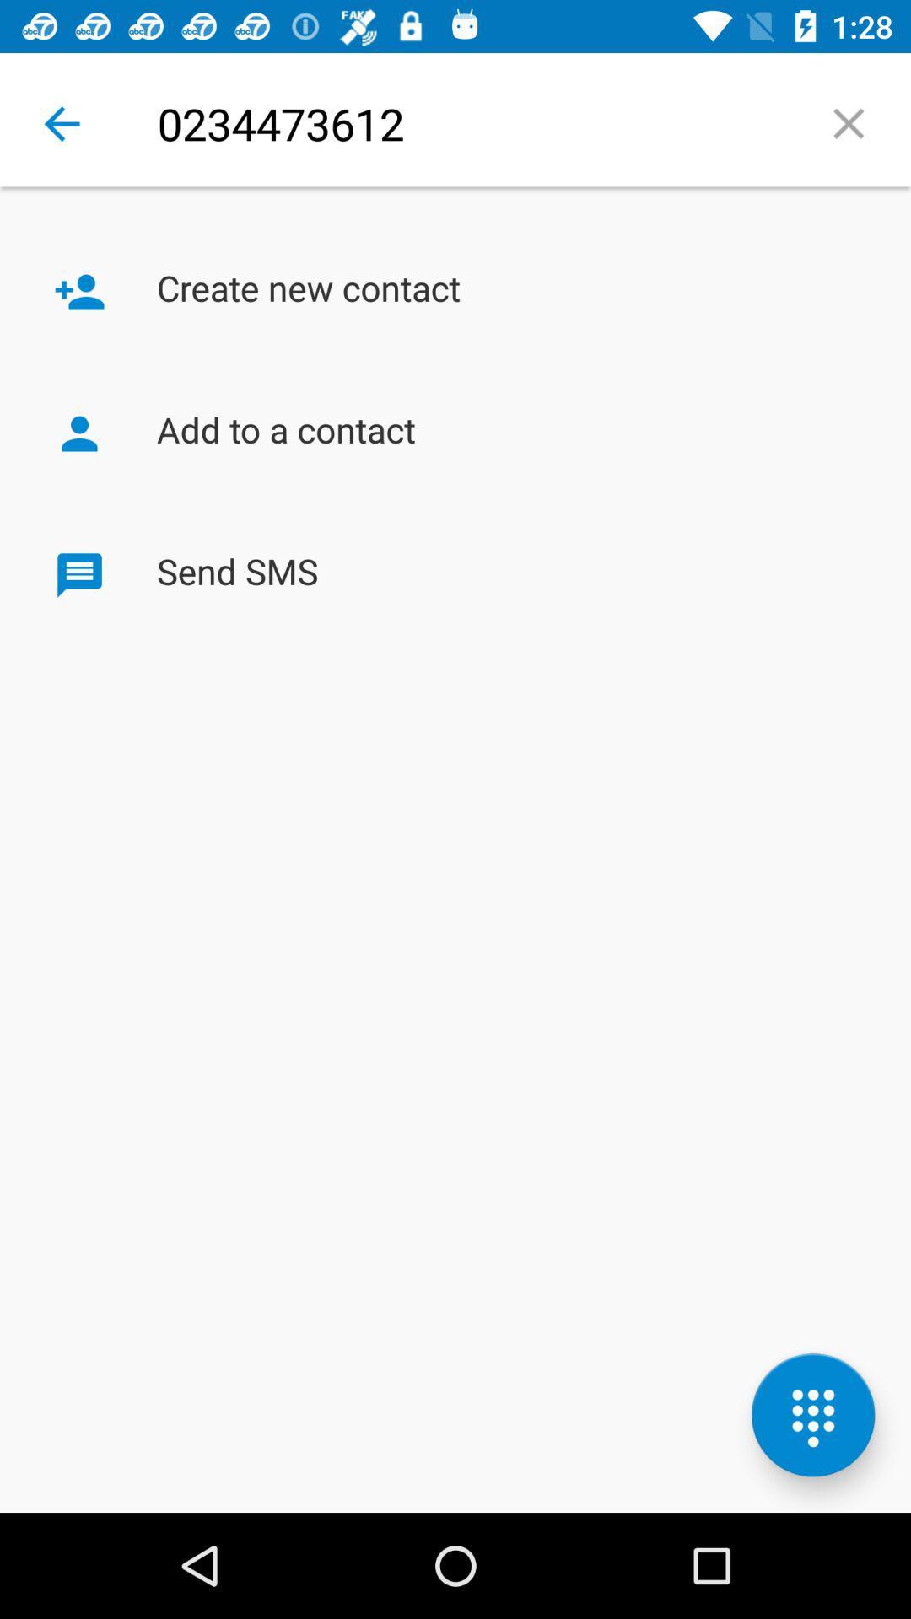 This screenshot has height=1619, width=911. What do you see at coordinates (79, 575) in the screenshot?
I see `message icon which is before send sms on page` at bounding box center [79, 575].